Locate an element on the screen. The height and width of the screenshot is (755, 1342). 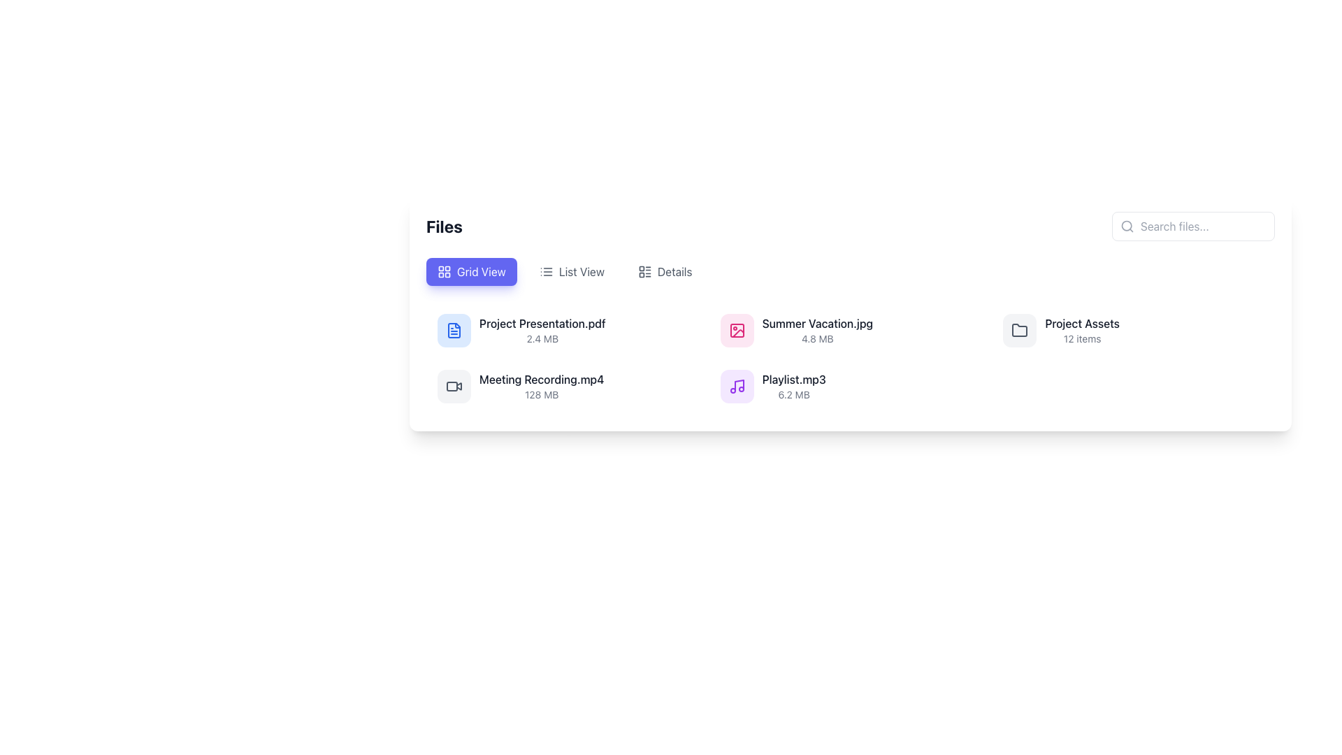
file name displayed in the static text label showing 'Summer Vacation.jpg', which is styled in dark gray and positioned above the file size label in the file viewer interface's Grid View layout is located at coordinates (817, 323).